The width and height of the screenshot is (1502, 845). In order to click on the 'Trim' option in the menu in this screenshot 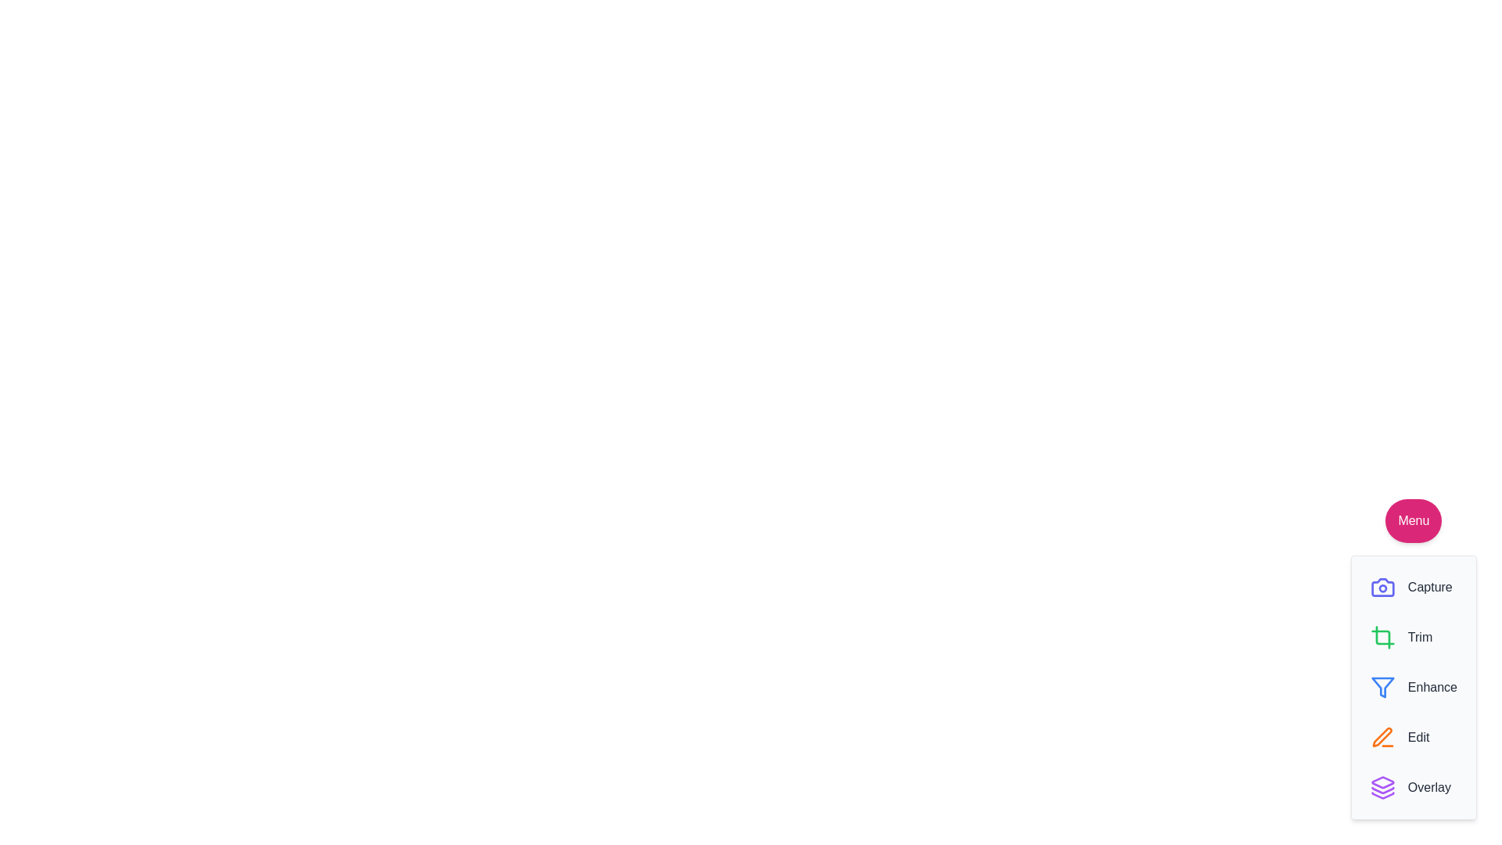, I will do `click(1400, 637)`.